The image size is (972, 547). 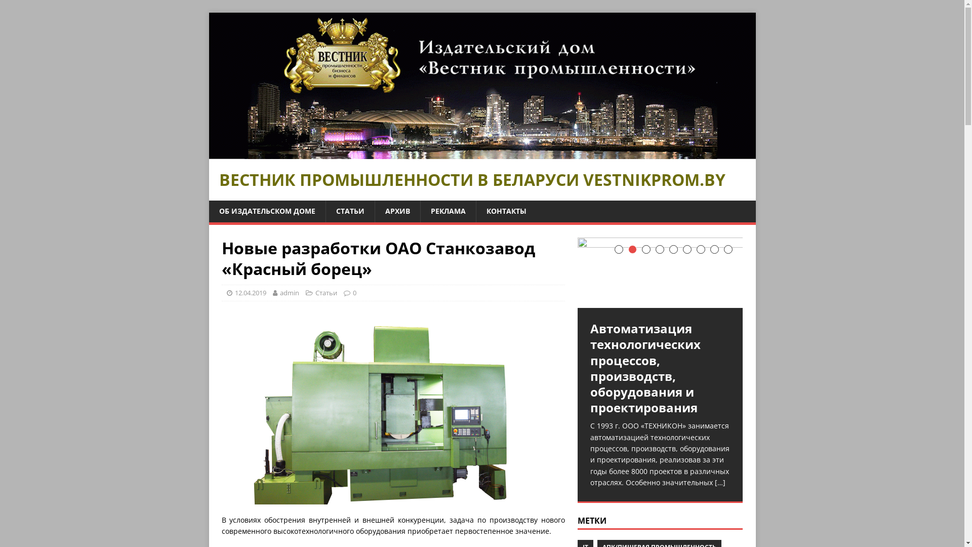 What do you see at coordinates (618, 249) in the screenshot?
I see `'1'` at bounding box center [618, 249].